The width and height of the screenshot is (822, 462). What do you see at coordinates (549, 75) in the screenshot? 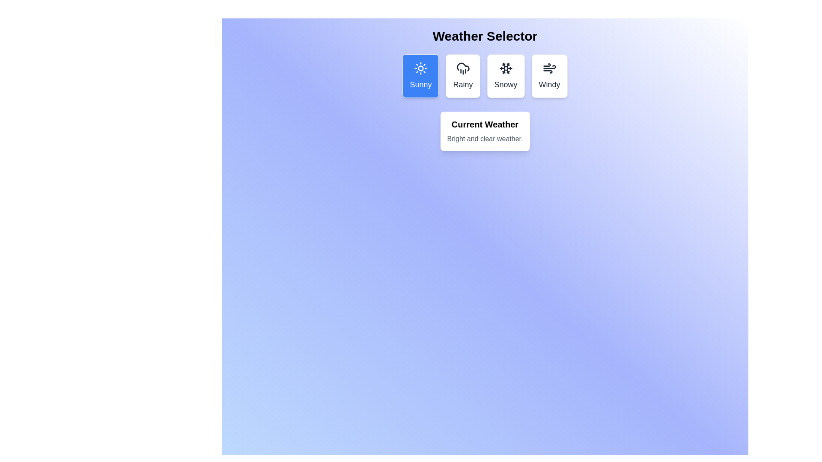
I see `the weather option Windy to observe its hover effect` at bounding box center [549, 75].